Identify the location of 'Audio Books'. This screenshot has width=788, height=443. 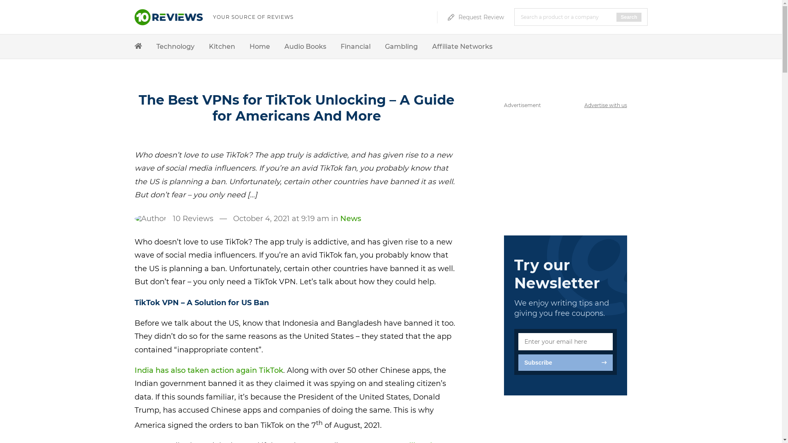
(305, 46).